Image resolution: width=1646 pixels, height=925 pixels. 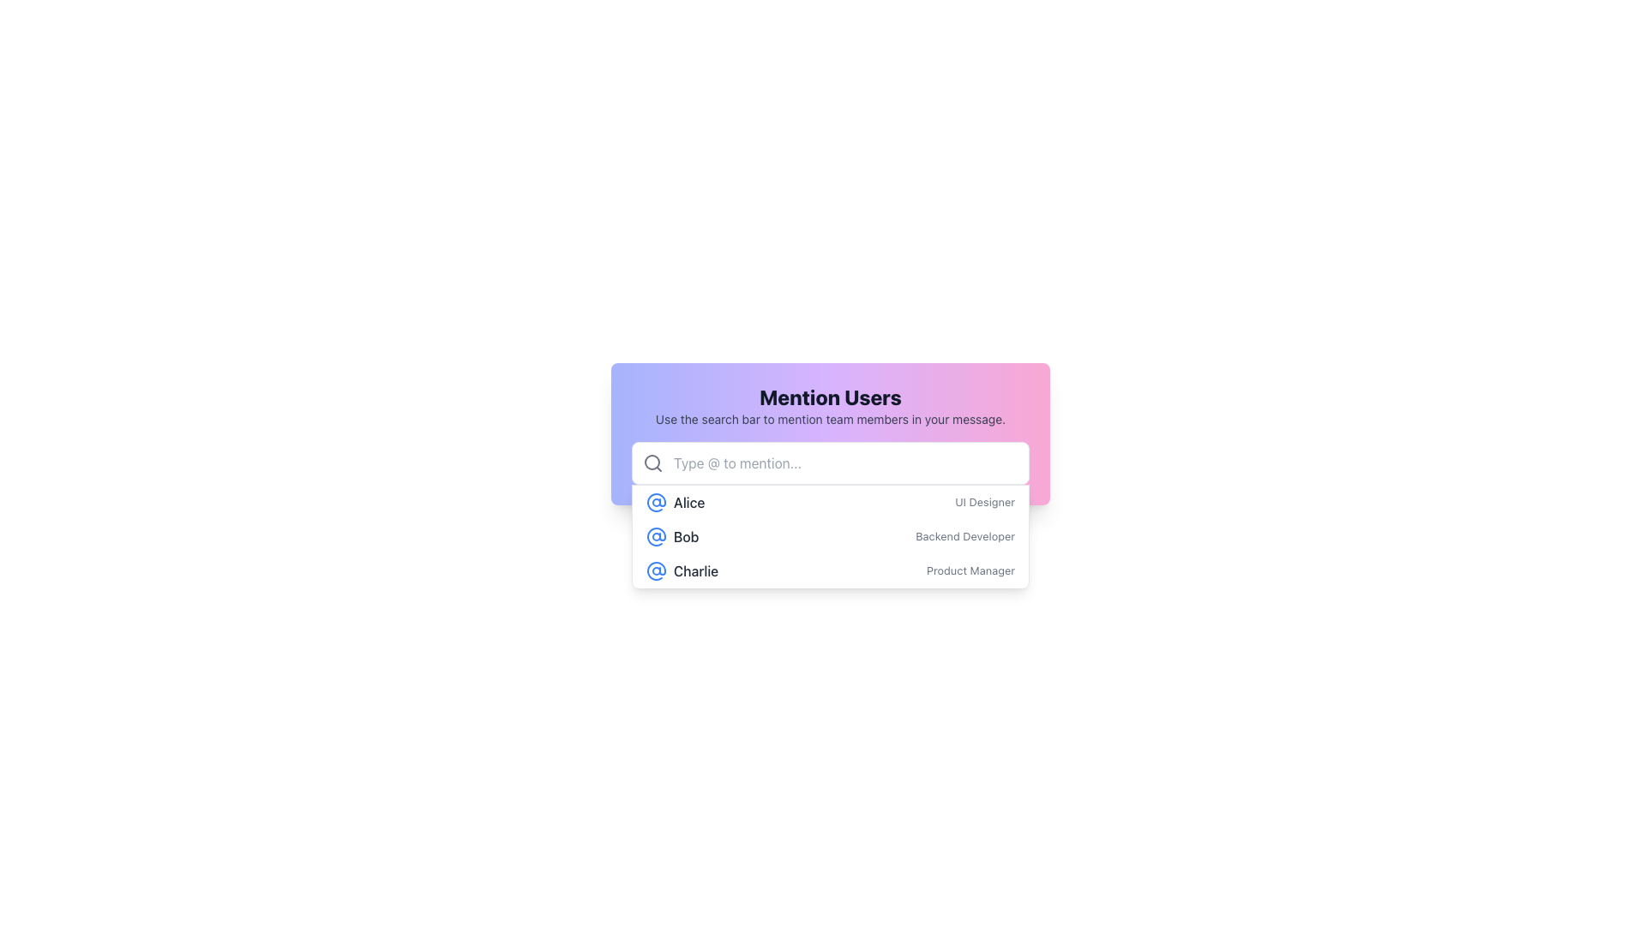 I want to click on the Text Label displaying the name 'Bob', which is the second item in a list of user mentions, positioned below 'Alice' and above 'Charlie', so click(x=686, y=536).